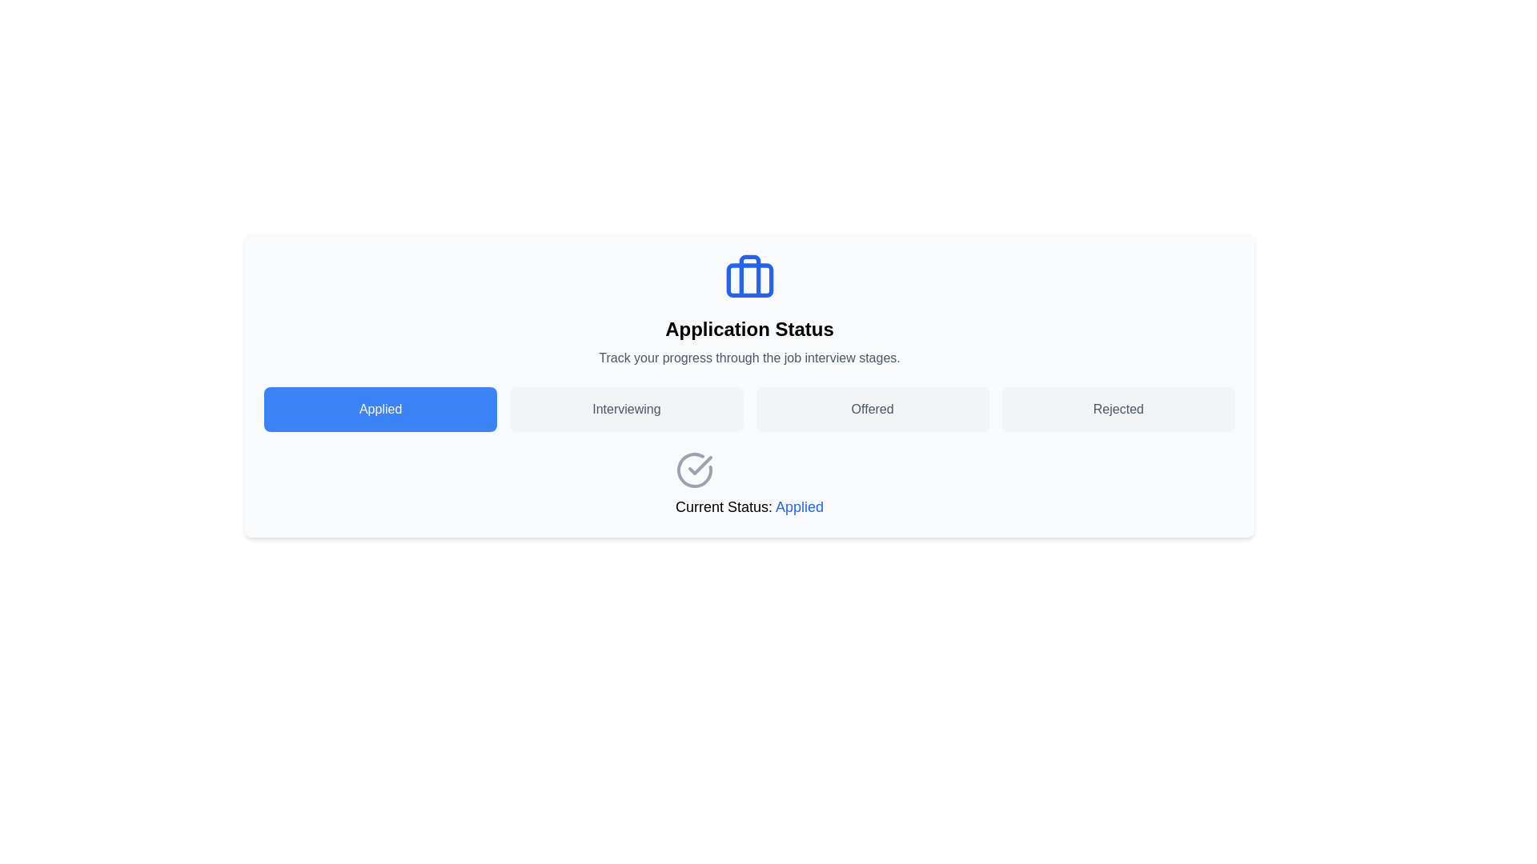  I want to click on the decorative icon representing the job or application status located at the top center of the 'Application Status' section, directly above the text 'Application Status', so click(748, 277).